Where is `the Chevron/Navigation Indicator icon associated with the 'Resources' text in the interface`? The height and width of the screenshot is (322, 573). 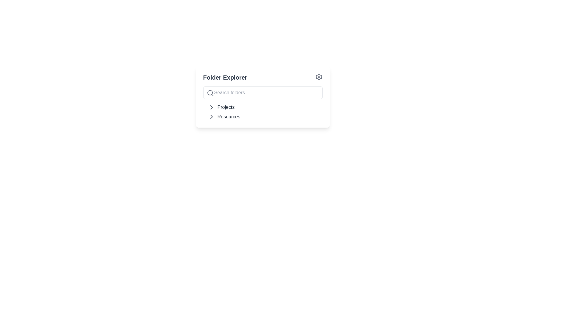 the Chevron/Navigation Indicator icon associated with the 'Resources' text in the interface is located at coordinates (211, 117).